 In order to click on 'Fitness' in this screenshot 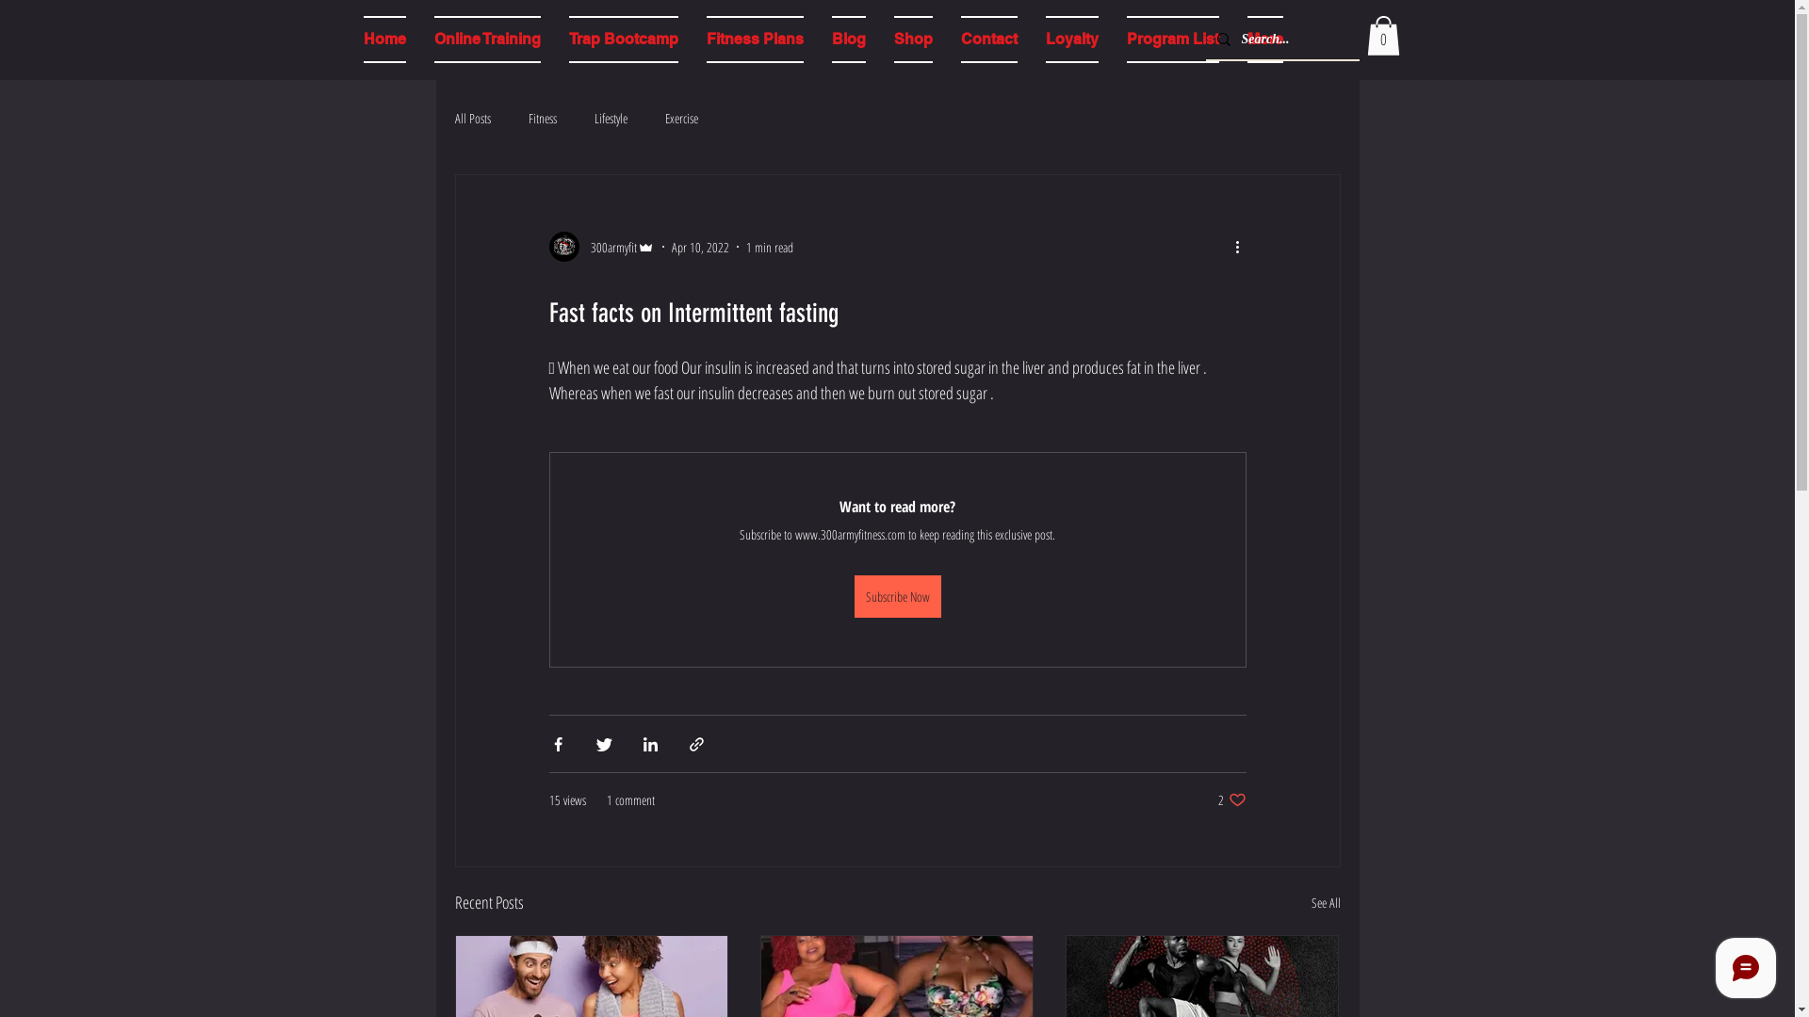, I will do `click(541, 118)`.